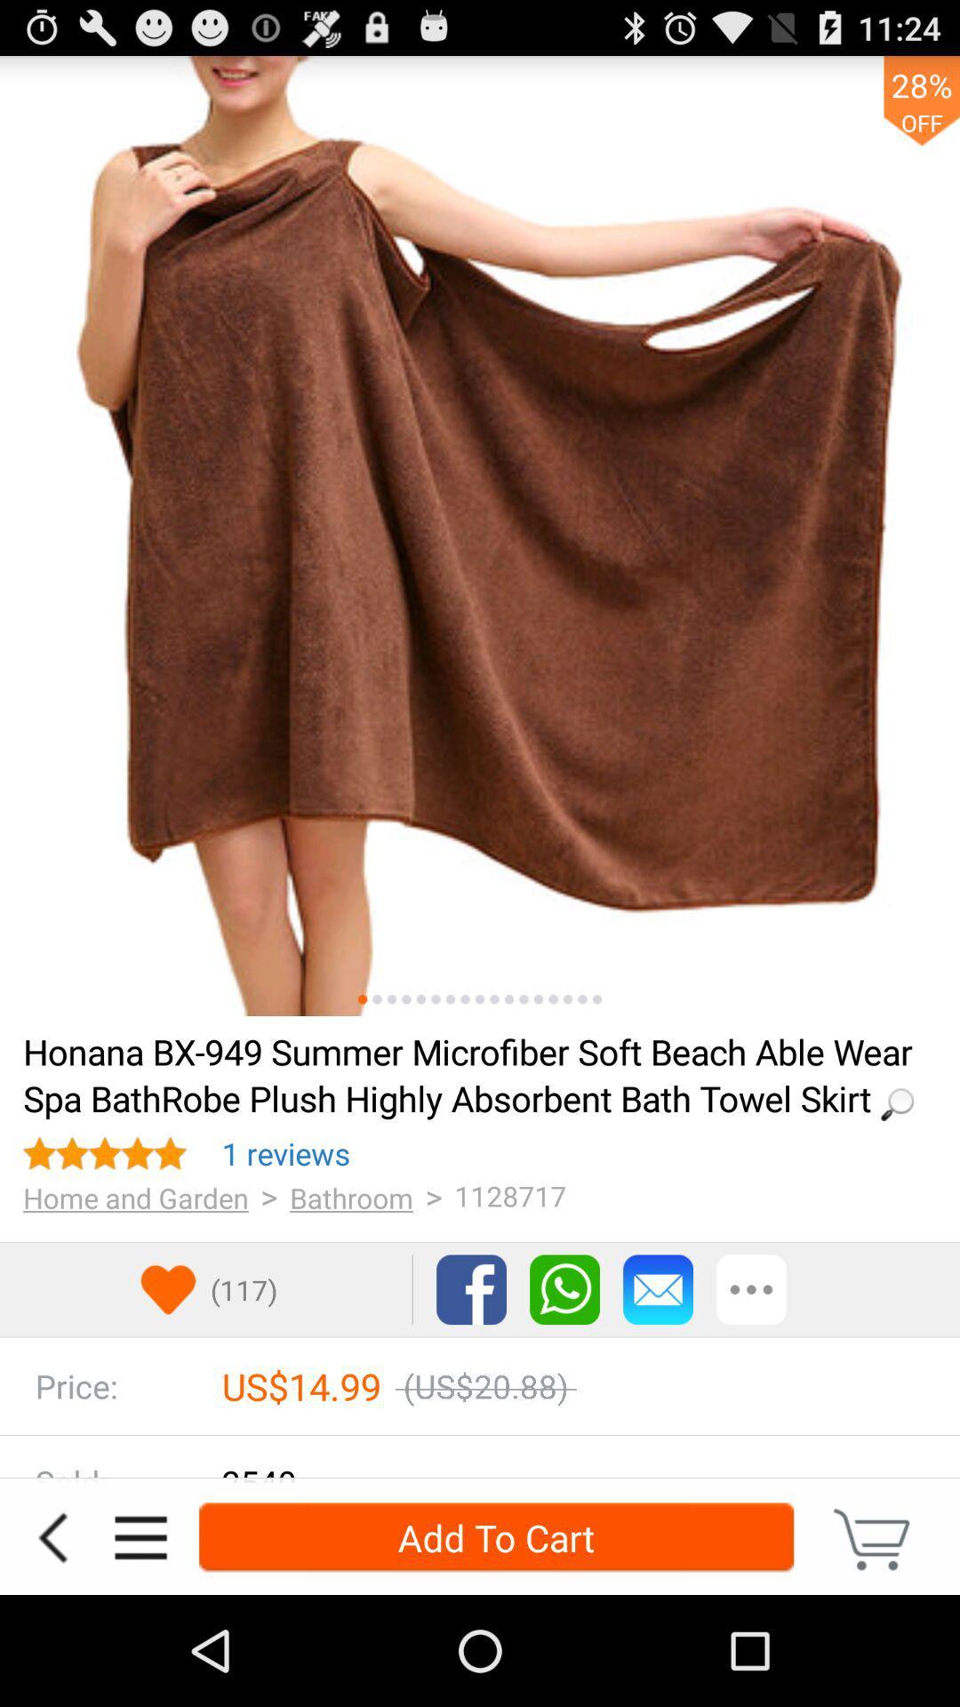  Describe the element at coordinates (140, 1536) in the screenshot. I see `open menu` at that location.